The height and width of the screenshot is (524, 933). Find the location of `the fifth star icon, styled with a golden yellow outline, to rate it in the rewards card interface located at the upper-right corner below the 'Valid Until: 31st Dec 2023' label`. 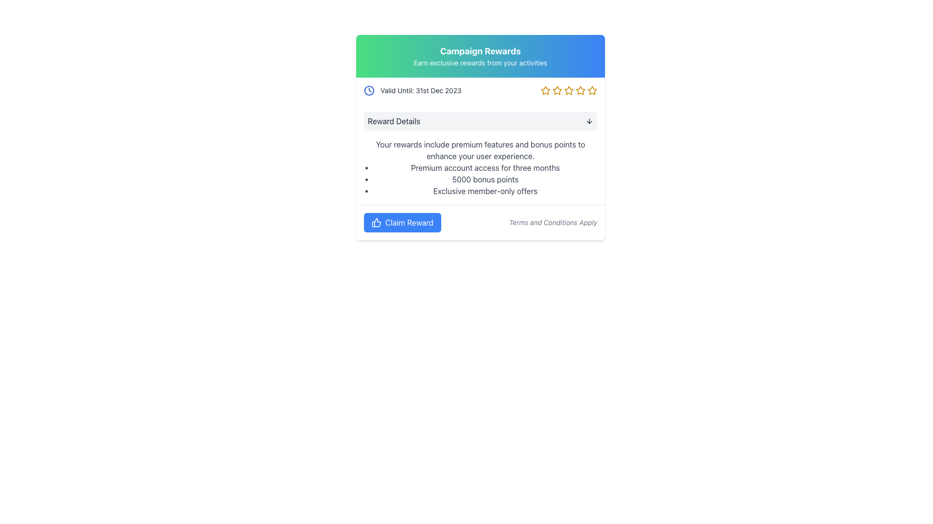

the fifth star icon, styled with a golden yellow outline, to rate it in the rewards card interface located at the upper-right corner below the 'Valid Until: 31st Dec 2023' label is located at coordinates (592, 90).